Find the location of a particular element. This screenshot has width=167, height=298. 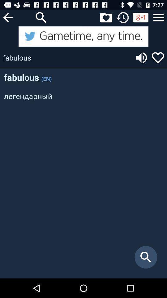

the history icon is located at coordinates (122, 17).